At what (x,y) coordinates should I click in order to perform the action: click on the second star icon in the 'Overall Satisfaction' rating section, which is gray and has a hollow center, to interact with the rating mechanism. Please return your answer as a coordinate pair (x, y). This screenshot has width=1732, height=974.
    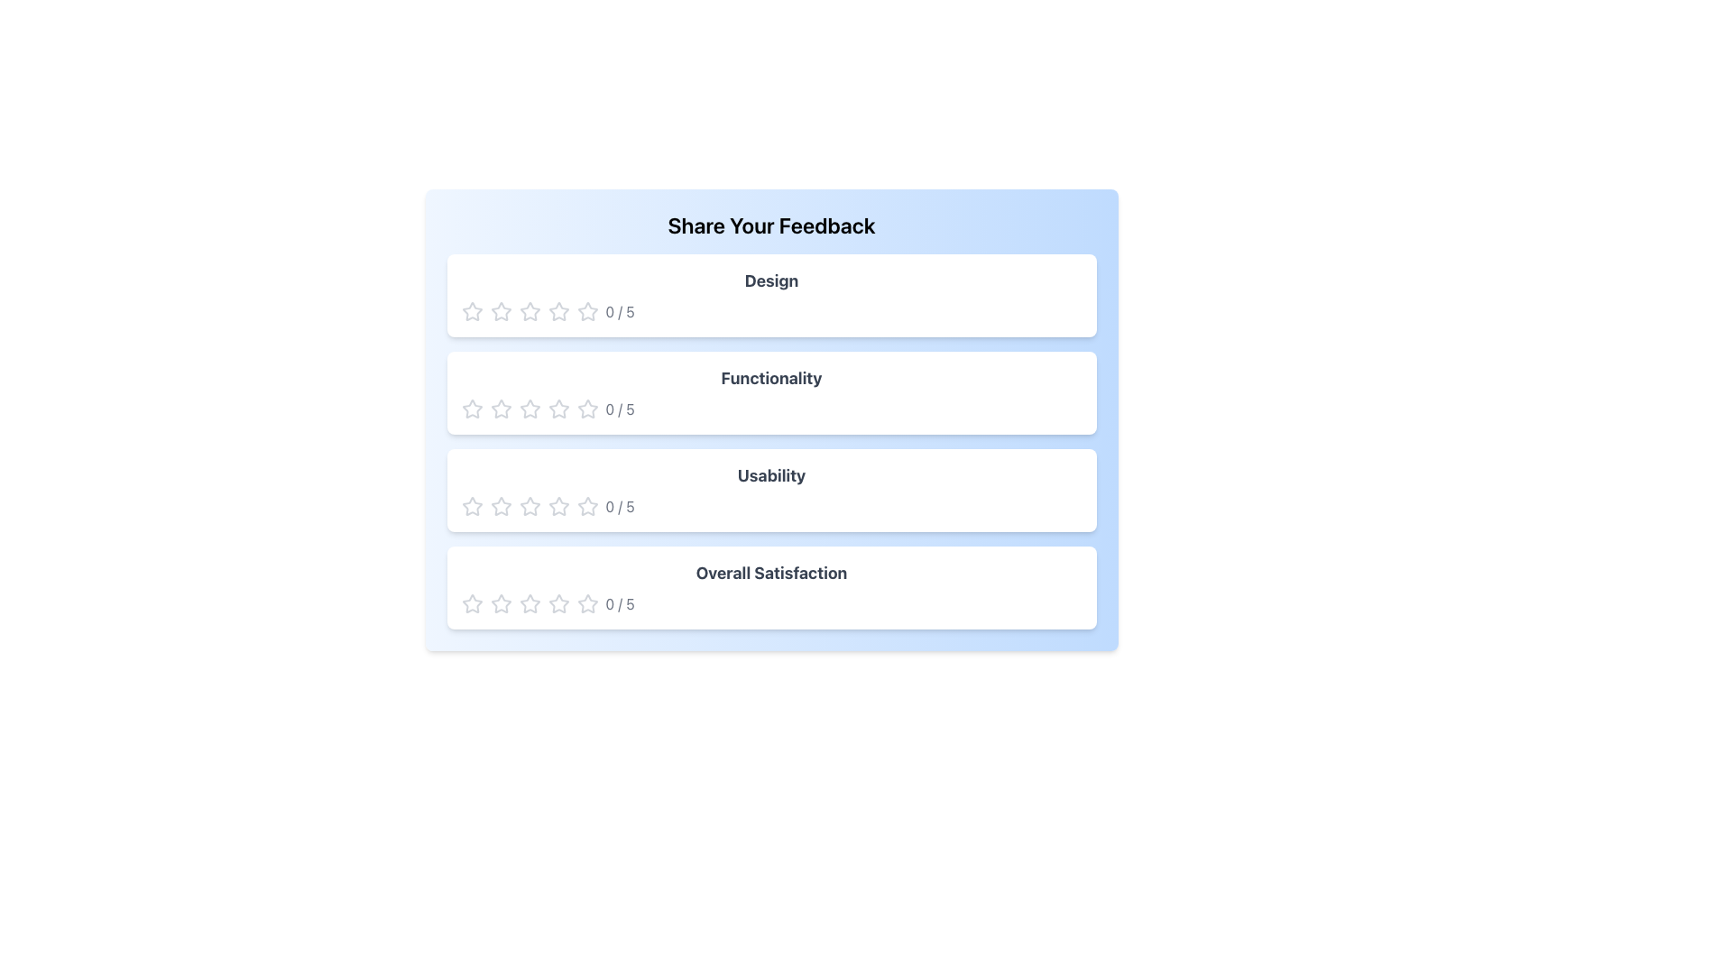
    Looking at the image, I should click on (501, 604).